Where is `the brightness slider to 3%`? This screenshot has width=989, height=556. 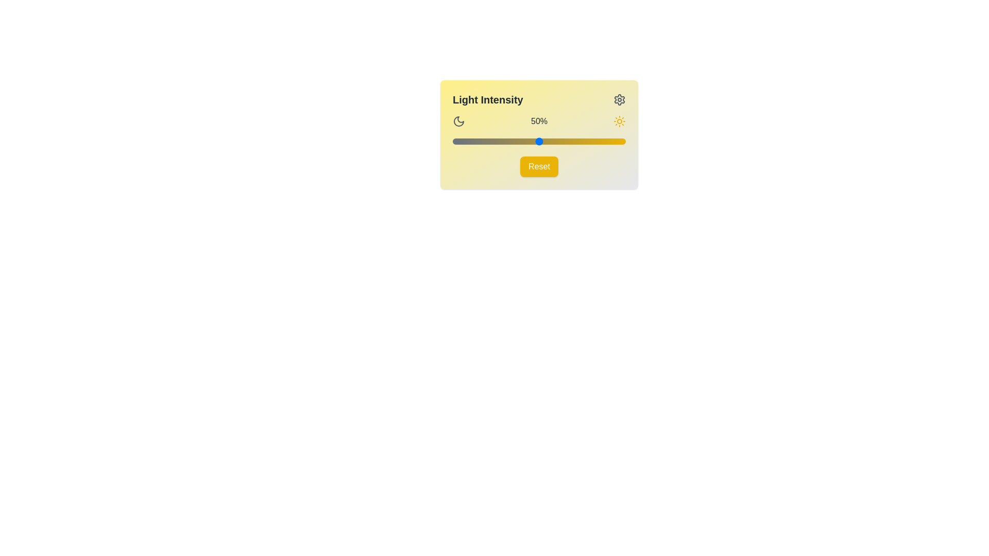 the brightness slider to 3% is located at coordinates (457, 141).